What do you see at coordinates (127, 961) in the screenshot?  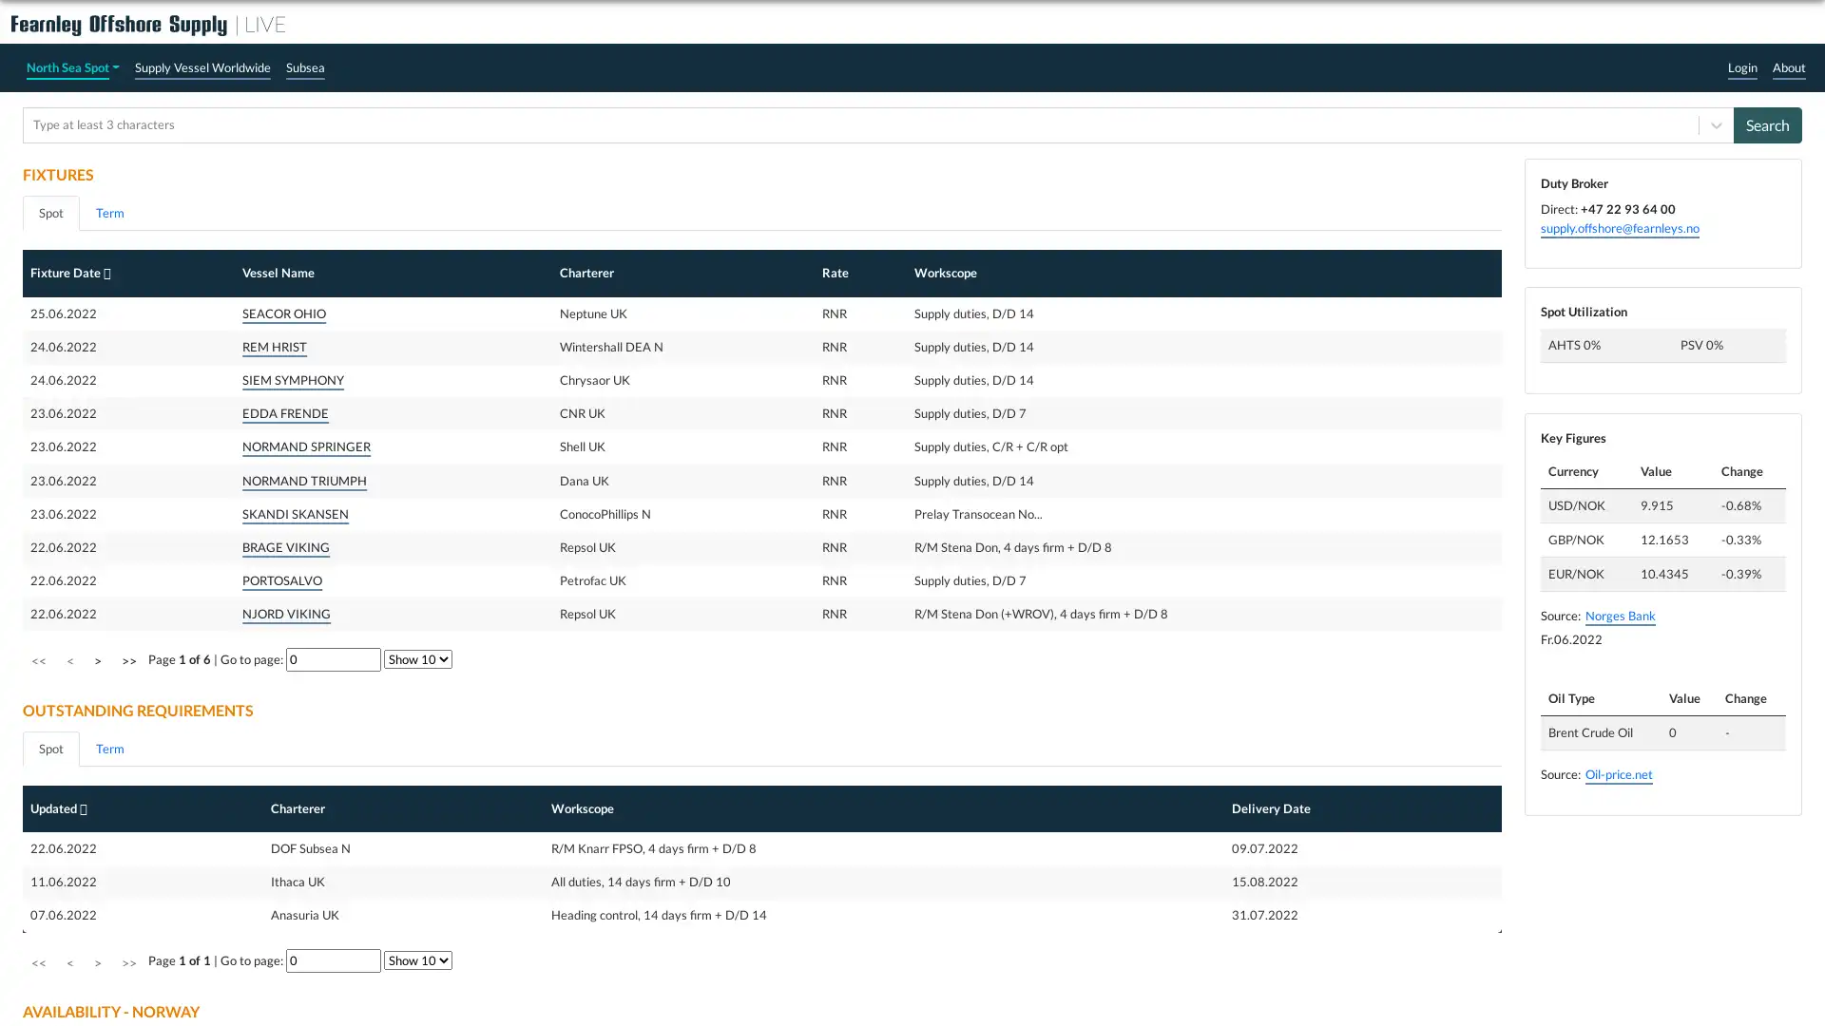 I see `>>` at bounding box center [127, 961].